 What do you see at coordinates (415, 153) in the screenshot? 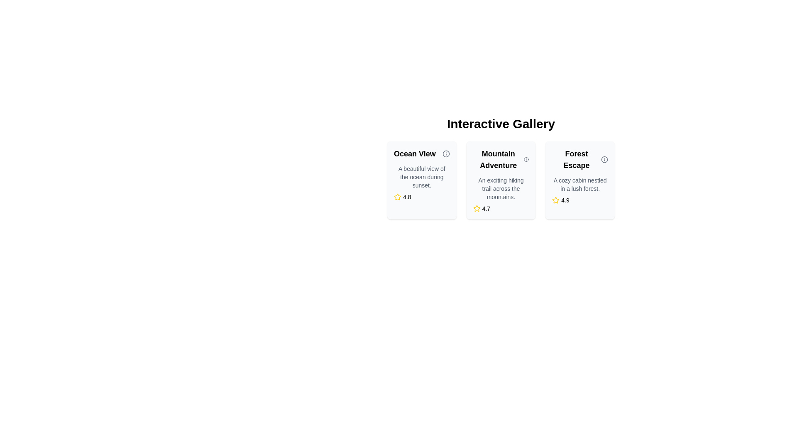
I see `header text 'Ocean View' which is styled in a large and bold font, located at the top-left corner of the first card in the grid layout under the main title 'Interactive Gallery'` at bounding box center [415, 153].